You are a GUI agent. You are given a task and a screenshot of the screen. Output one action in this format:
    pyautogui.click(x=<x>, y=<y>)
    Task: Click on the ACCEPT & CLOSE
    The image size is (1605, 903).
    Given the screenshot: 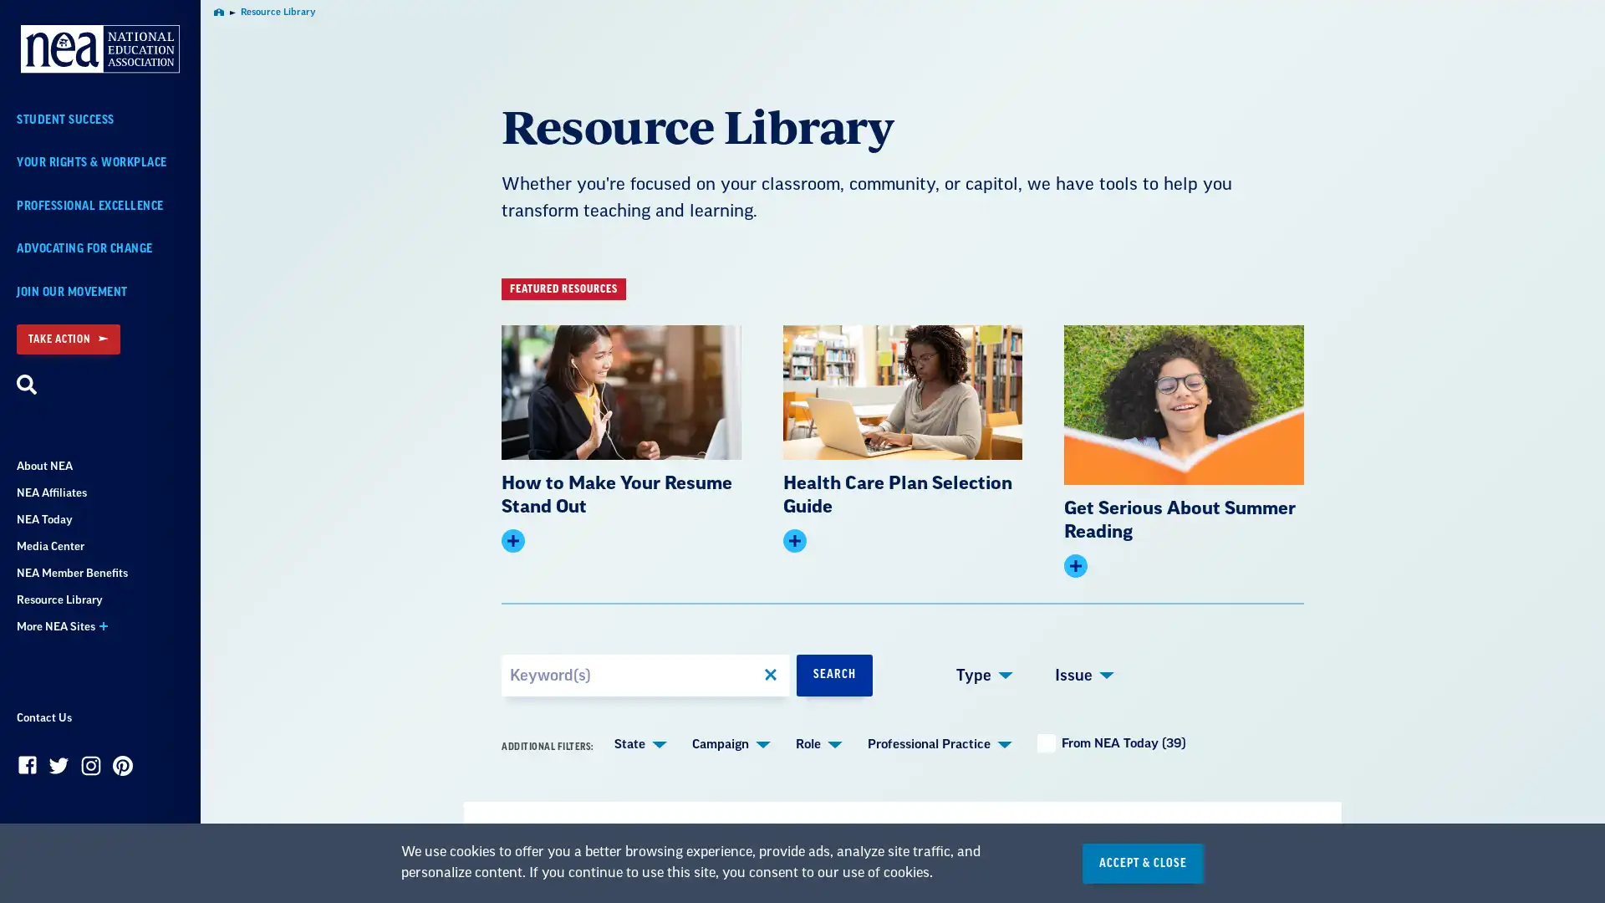 What is the action you would take?
    pyautogui.click(x=1142, y=863)
    